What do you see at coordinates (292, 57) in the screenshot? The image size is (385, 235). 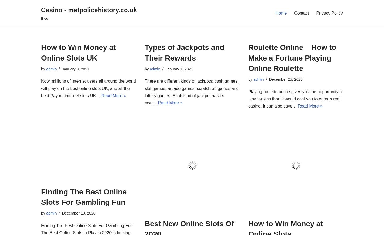 I see `'Roulette Online – How to Make a Fortune Playing Online Roulette'` at bounding box center [292, 57].